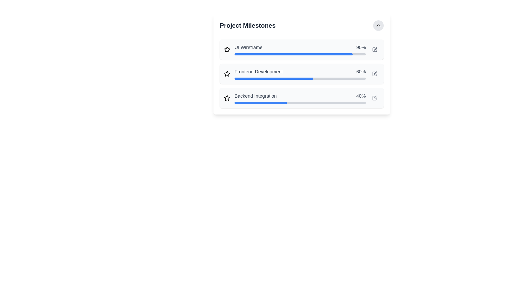 This screenshot has width=506, height=285. Describe the element at coordinates (274, 78) in the screenshot. I see `the horizontal blue progress bar representing 60% completion, located in the middle section of the list item for 'Frontend Development'` at that location.